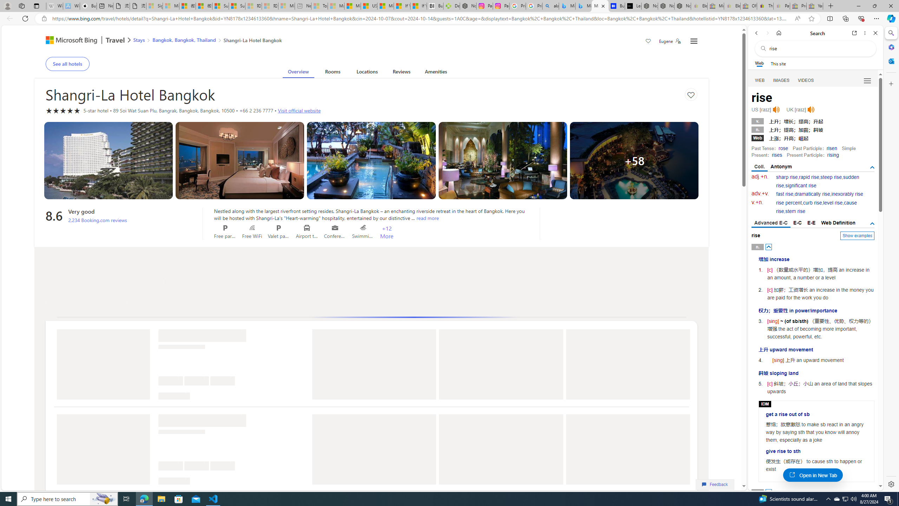 The height and width of the screenshot is (506, 899). Describe the element at coordinates (600, 6) in the screenshot. I see `'Microsoft Bing Travel - Shangri-La Hotel Bangkok'` at that location.